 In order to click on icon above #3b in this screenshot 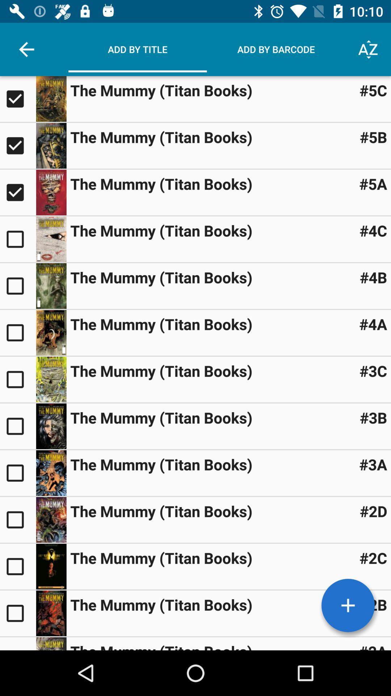, I will do `click(373, 370)`.